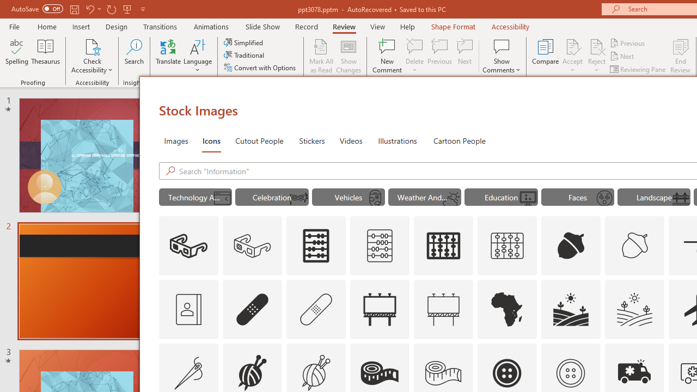 The image size is (697, 392). Describe the element at coordinates (195, 197) in the screenshot. I see `'"Technology And Electronics" Icons.'` at that location.